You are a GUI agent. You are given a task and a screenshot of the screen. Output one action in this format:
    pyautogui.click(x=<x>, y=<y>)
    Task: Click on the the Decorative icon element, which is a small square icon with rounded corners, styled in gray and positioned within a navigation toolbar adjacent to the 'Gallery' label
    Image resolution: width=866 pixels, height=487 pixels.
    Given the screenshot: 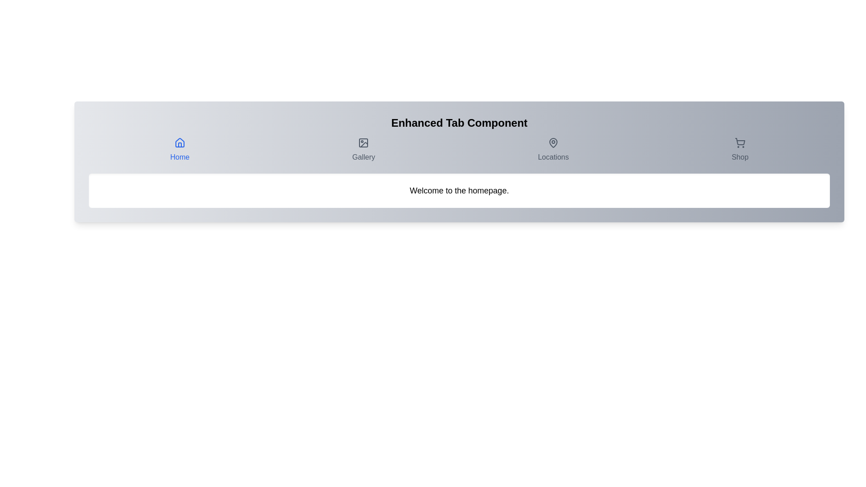 What is the action you would take?
    pyautogui.click(x=364, y=142)
    